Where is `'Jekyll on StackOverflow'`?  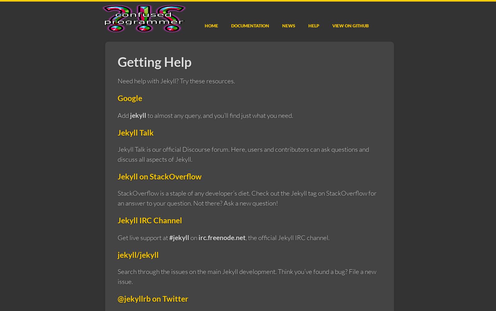 'Jekyll on StackOverflow' is located at coordinates (159, 176).